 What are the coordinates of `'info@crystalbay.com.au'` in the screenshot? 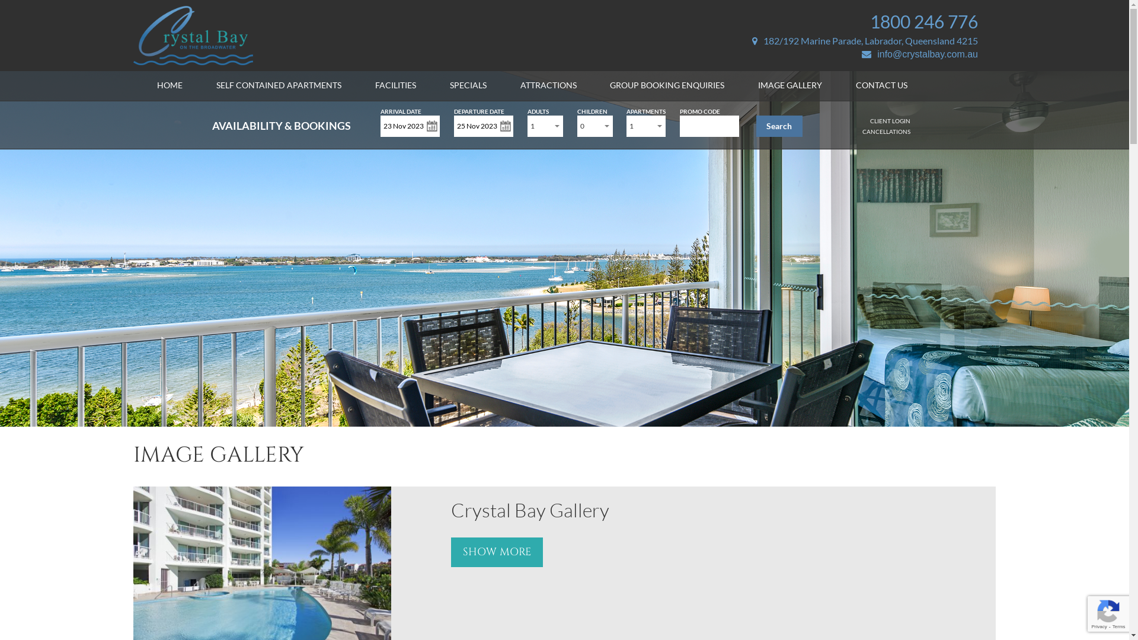 It's located at (862, 54).